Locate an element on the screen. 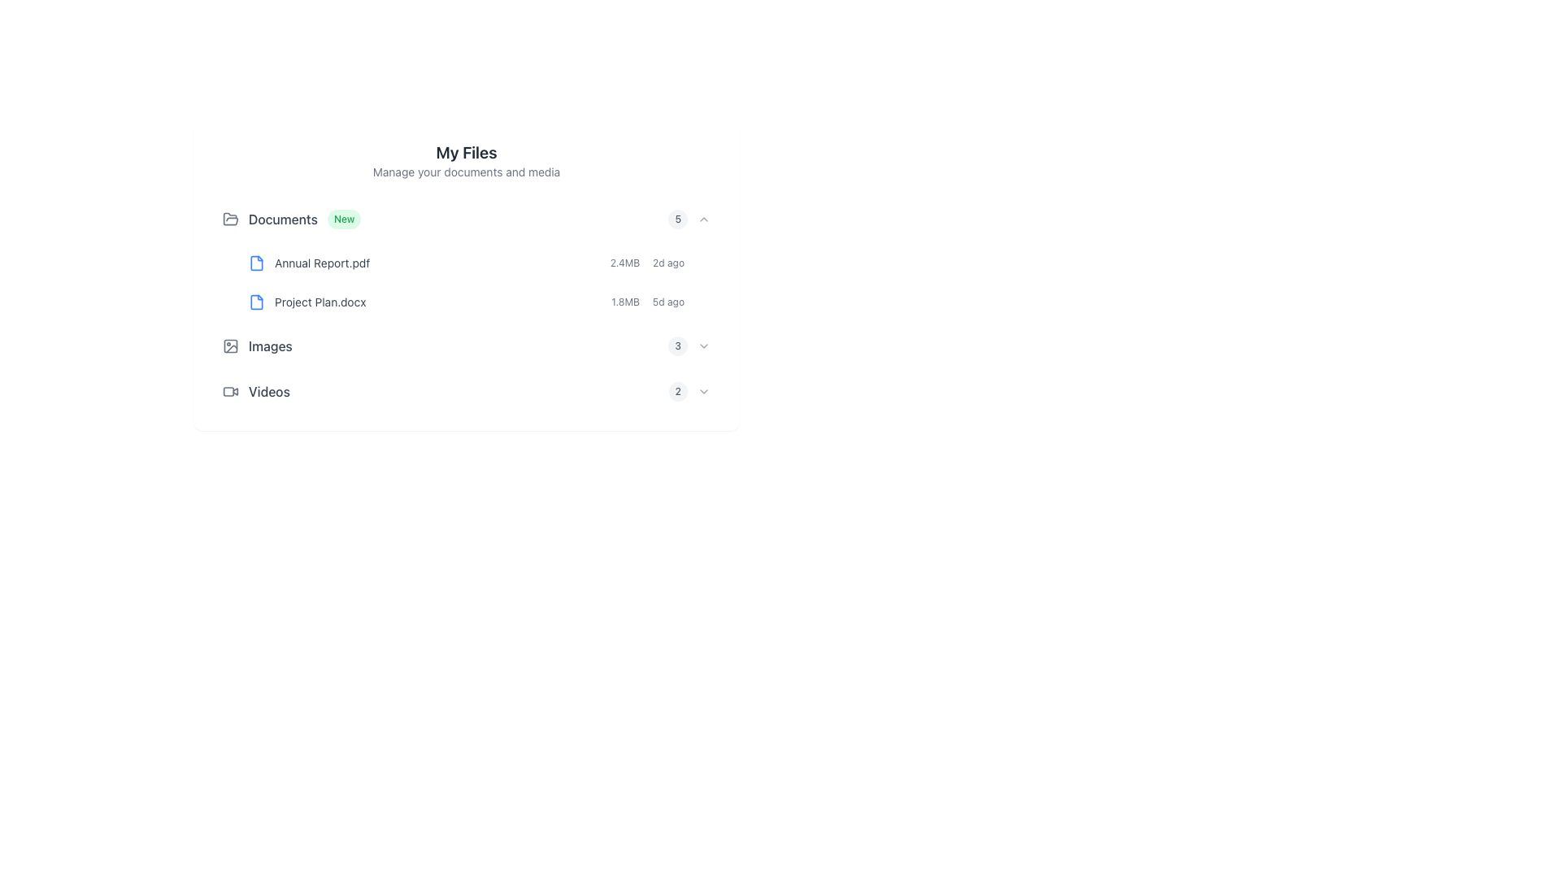 This screenshot has width=1561, height=878. the 'Images' Label, which is styled with medium font weight and gray color, located between the 'Documents' and 'Videos' sections is located at coordinates (270, 345).